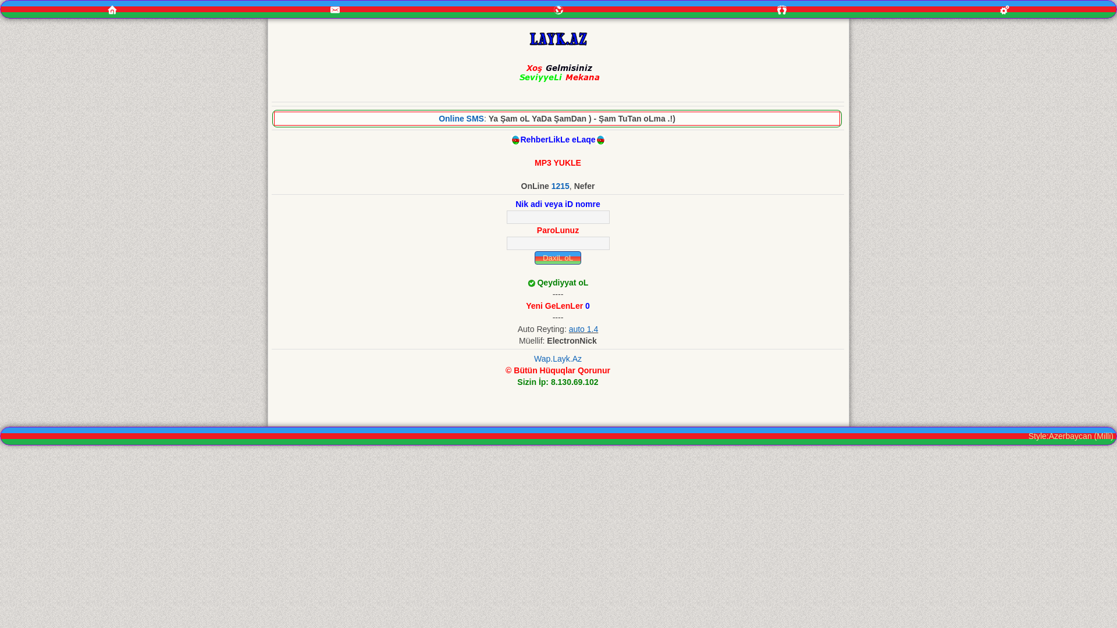  What do you see at coordinates (223, 9) in the screenshot?
I see `'Mesajlar'` at bounding box center [223, 9].